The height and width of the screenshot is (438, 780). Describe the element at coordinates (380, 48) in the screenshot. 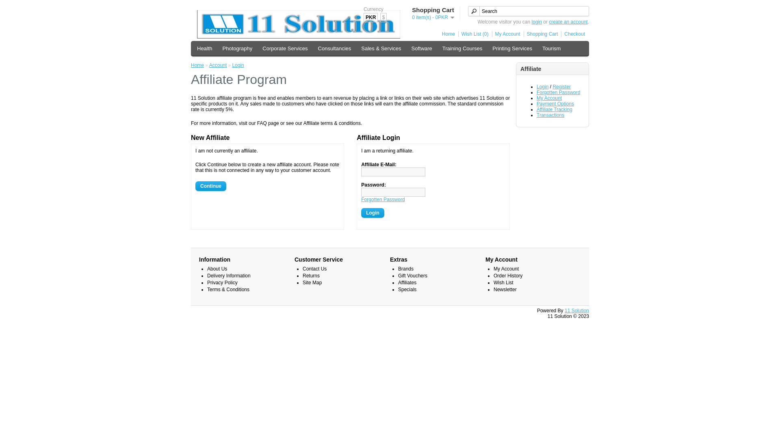

I see `'Sales & Services'` at that location.